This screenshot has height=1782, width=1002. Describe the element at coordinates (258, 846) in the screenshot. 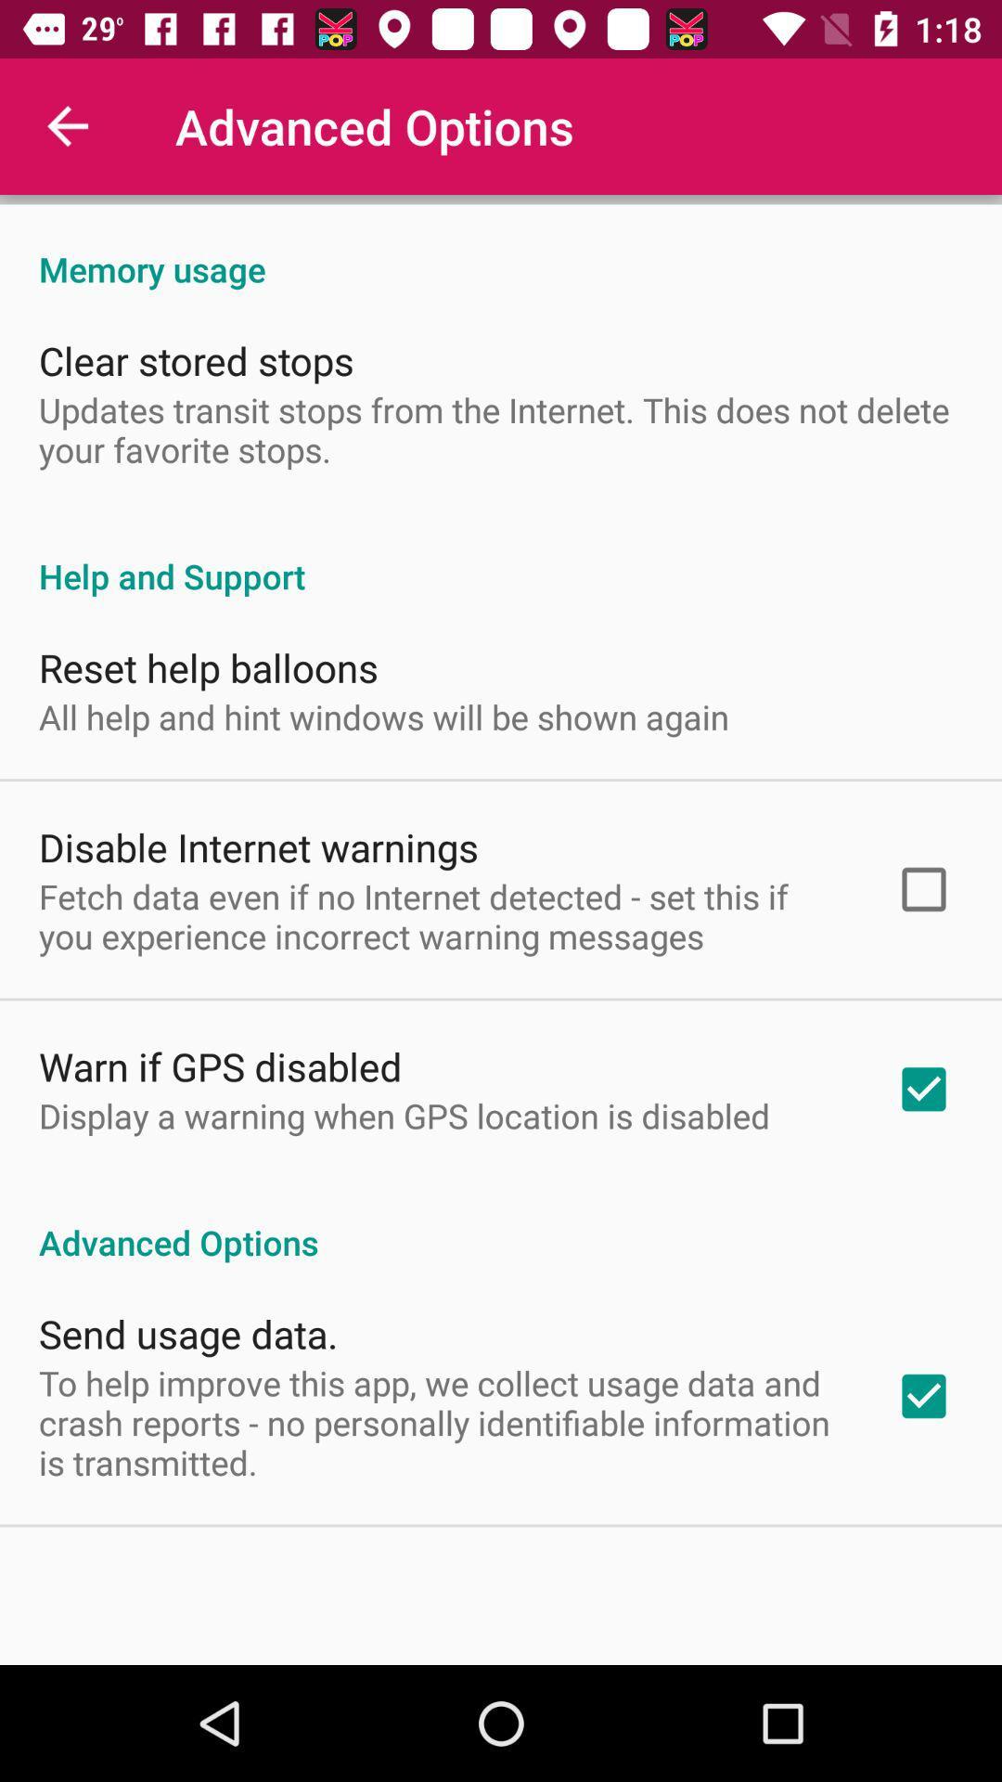

I see `the icon above fetch data even` at that location.